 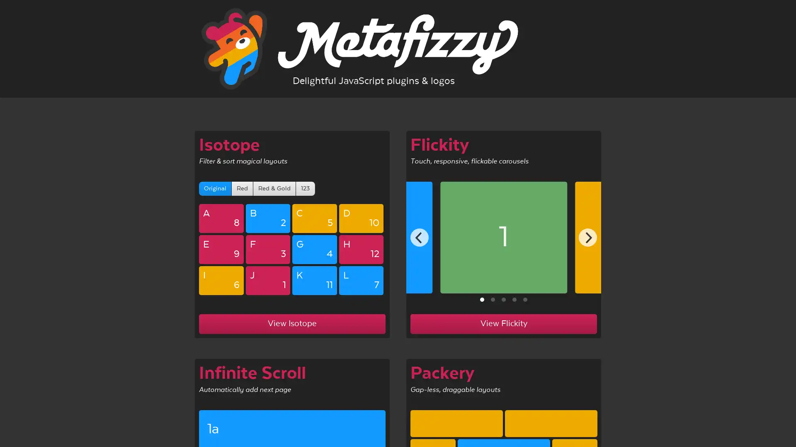 I want to click on Red, so click(x=242, y=188).